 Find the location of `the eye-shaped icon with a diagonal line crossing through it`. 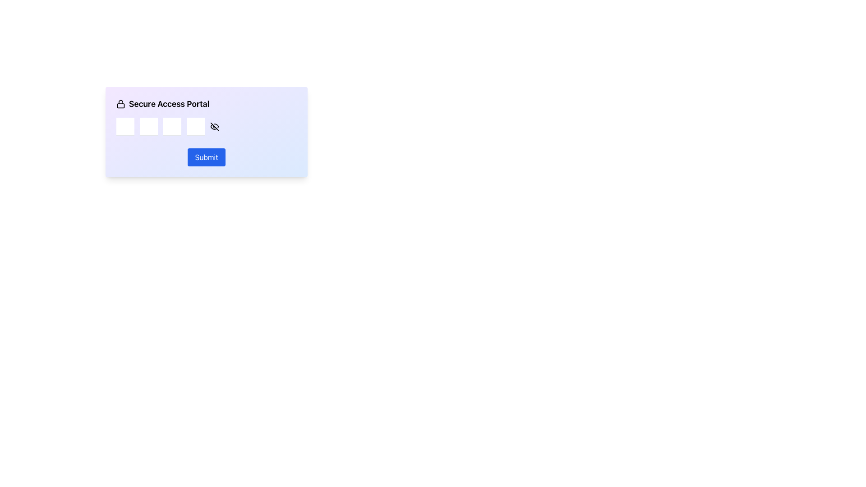

the eye-shaped icon with a diagonal line crossing through it is located at coordinates (214, 127).